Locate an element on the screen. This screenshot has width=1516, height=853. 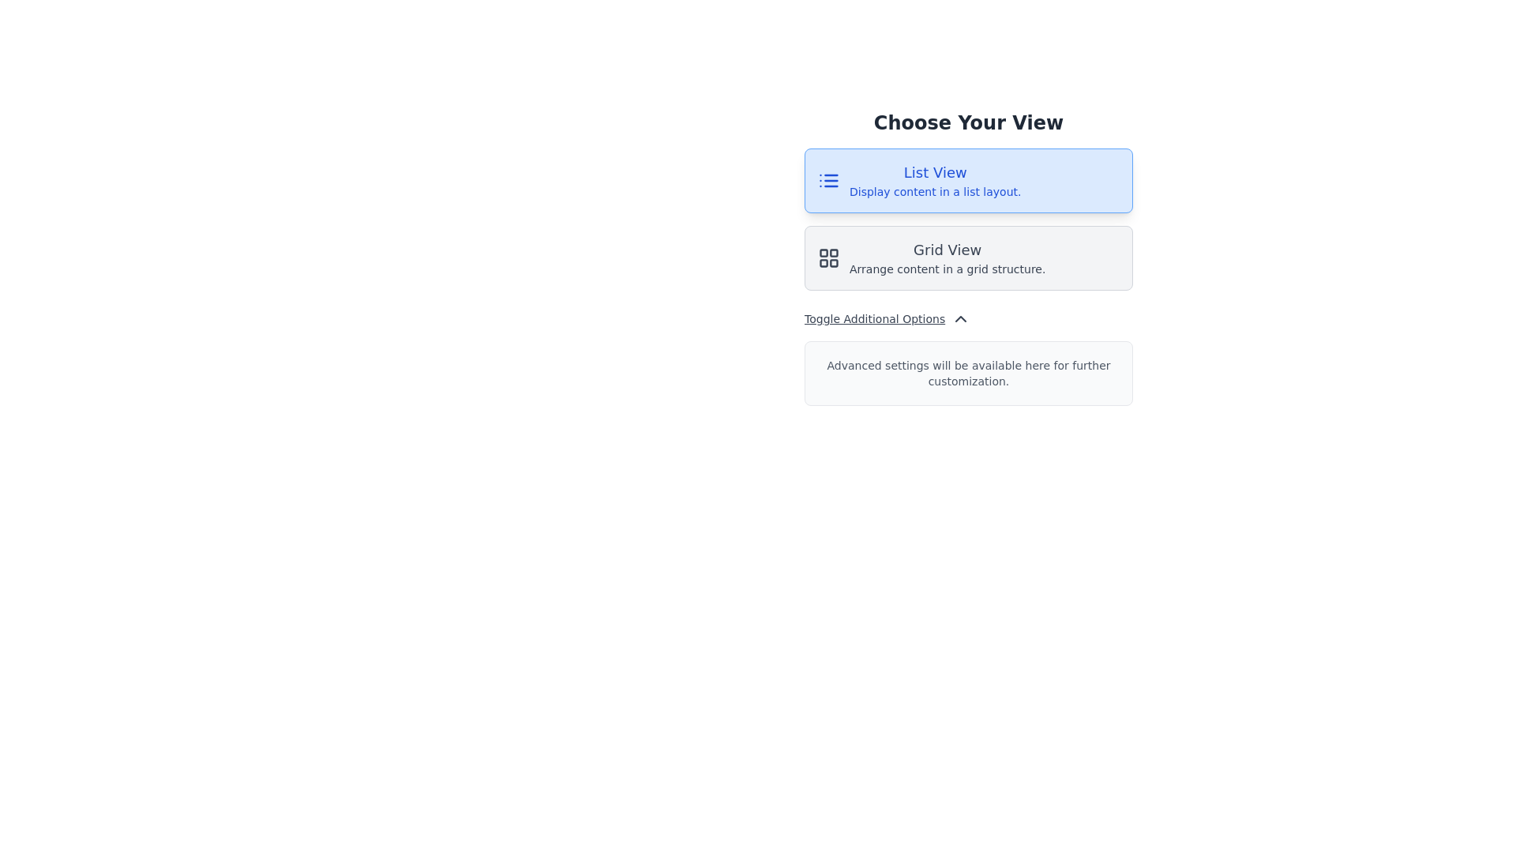
the static text label that states 'Advanced settings will be available here for further customization.' located beneath the 'Toggle Additional Options' label is located at coordinates (968, 374).